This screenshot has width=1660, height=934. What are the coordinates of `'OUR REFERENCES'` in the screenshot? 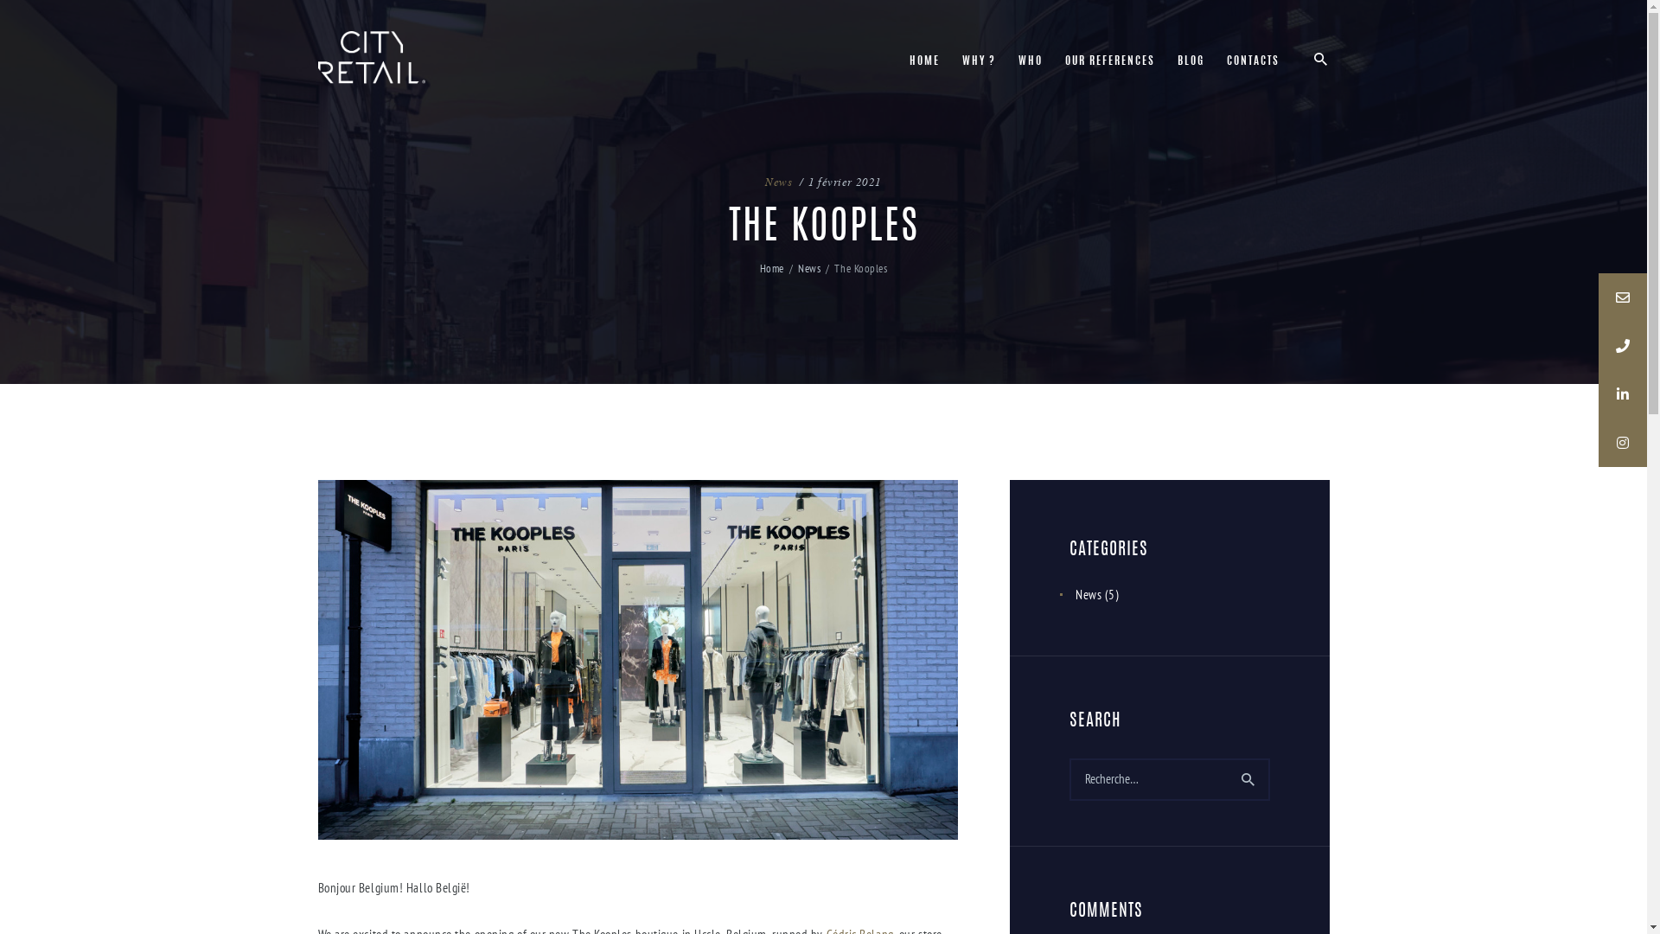 It's located at (1109, 61).